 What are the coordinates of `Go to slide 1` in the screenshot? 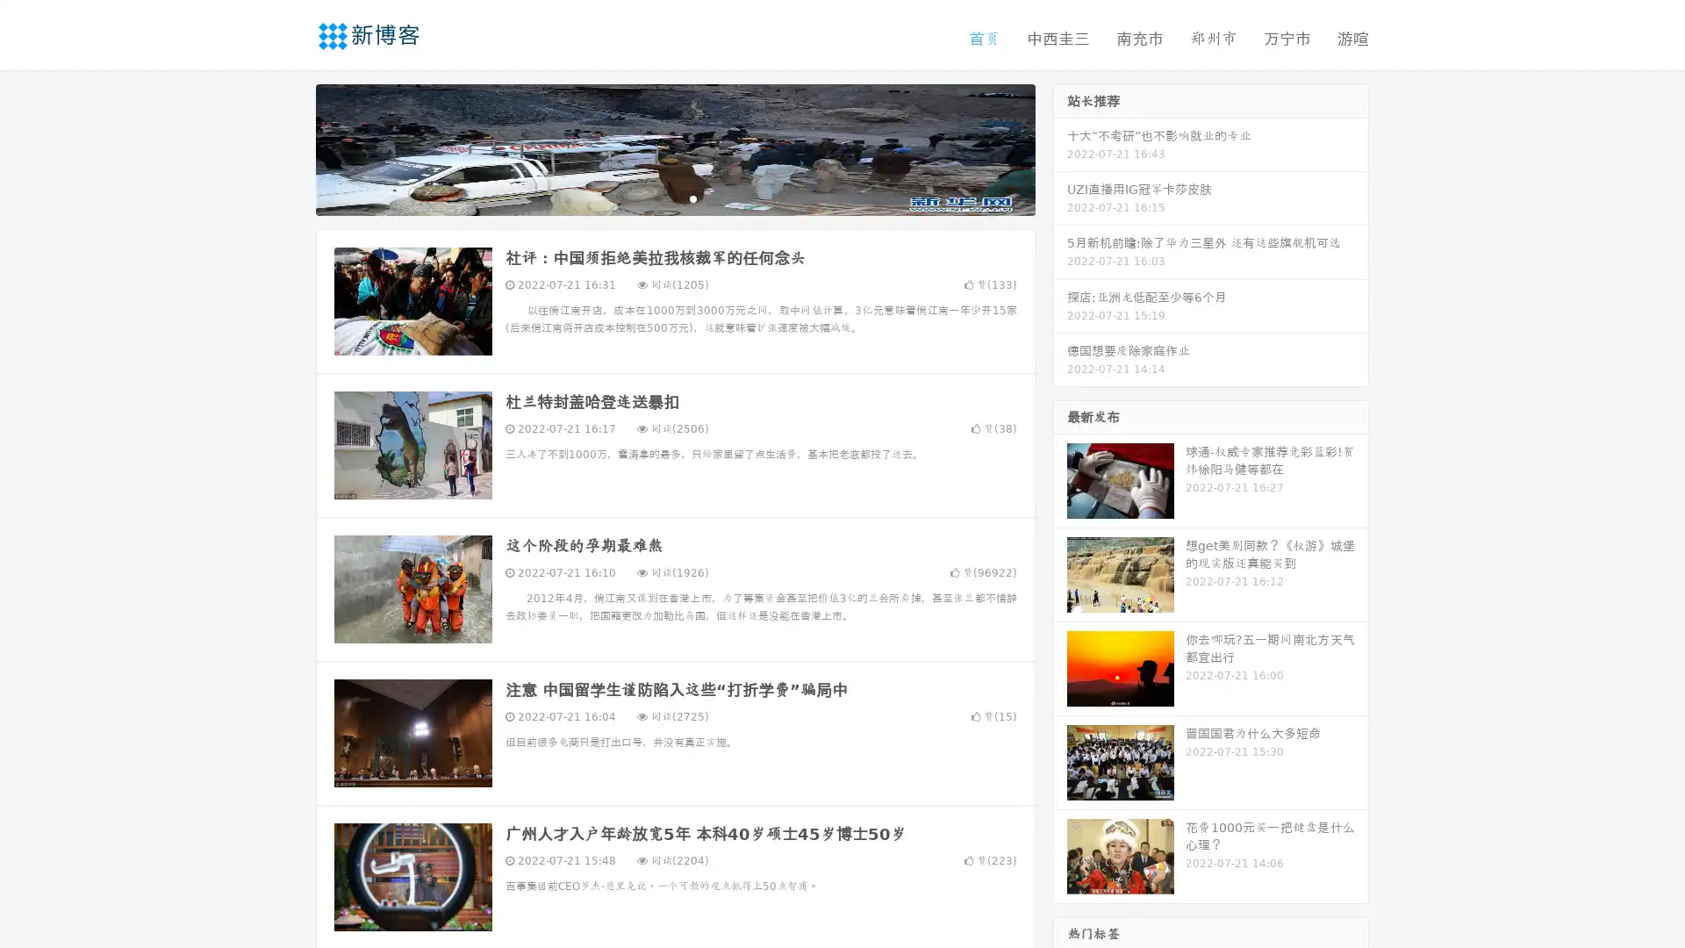 It's located at (656, 197).